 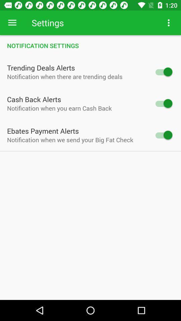 What do you see at coordinates (163, 103) in the screenshot?
I see `cash back alerts` at bounding box center [163, 103].